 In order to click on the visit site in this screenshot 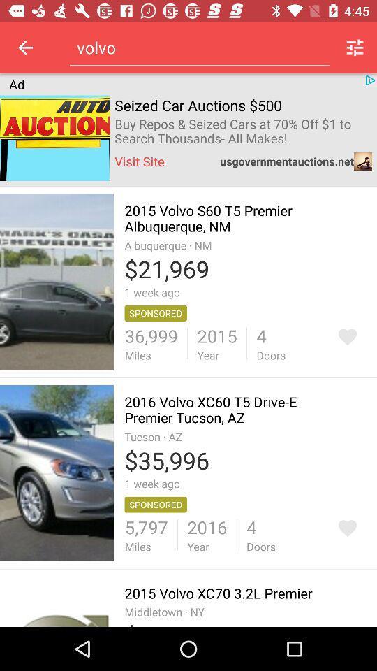, I will do `click(140, 161)`.